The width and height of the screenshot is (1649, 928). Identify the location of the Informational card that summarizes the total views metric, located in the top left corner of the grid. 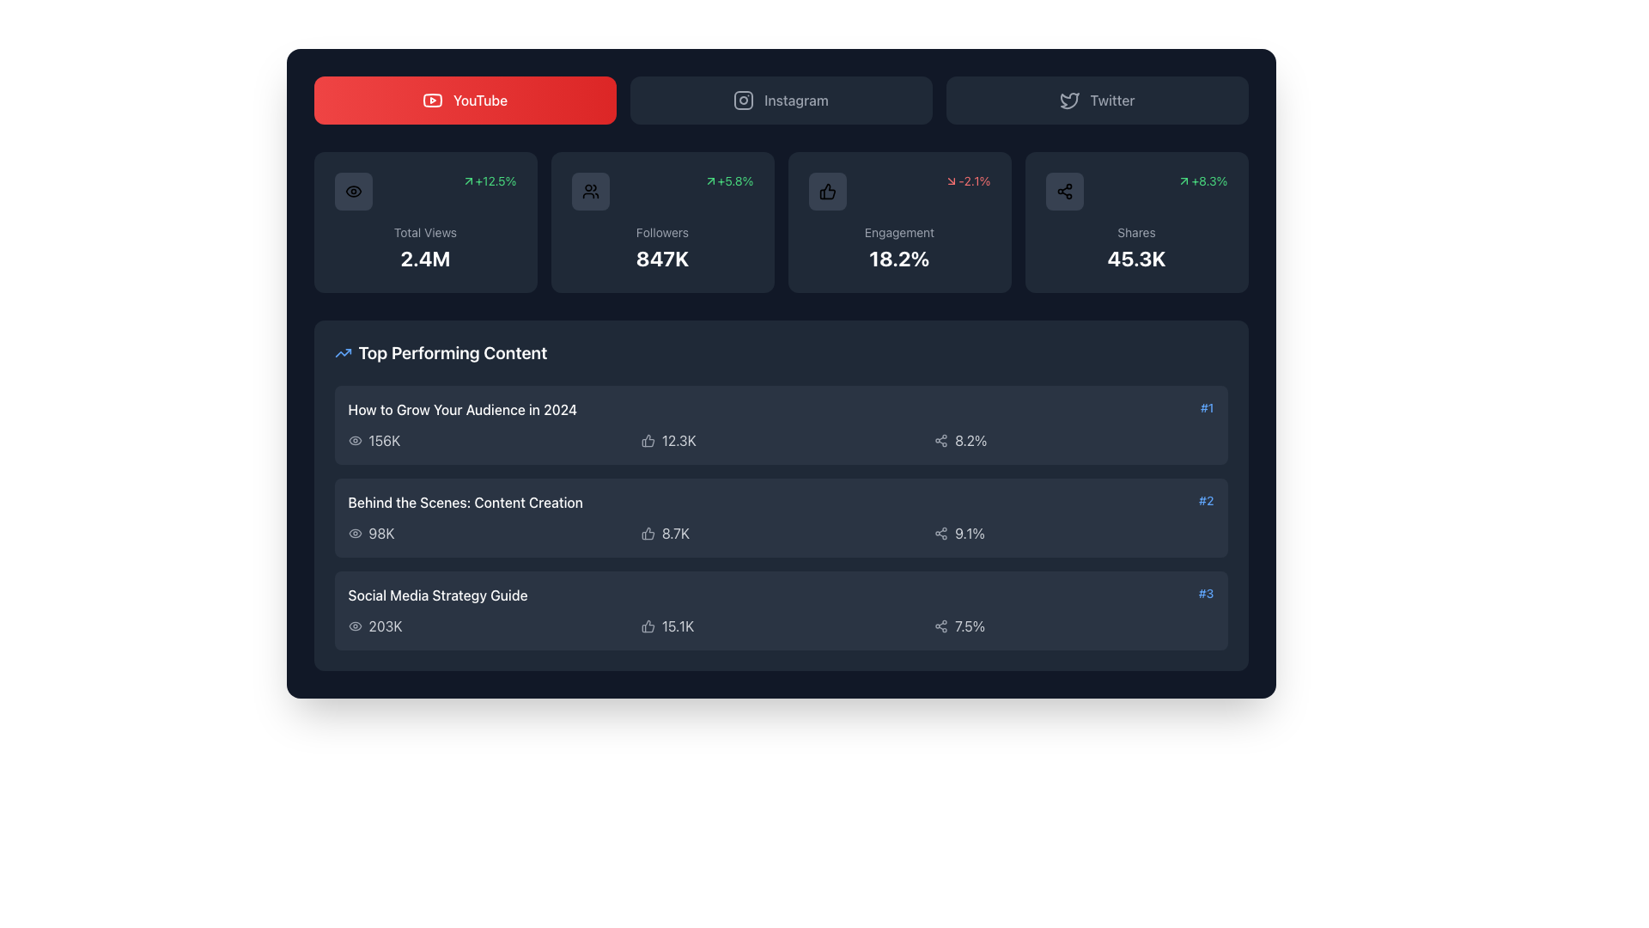
(425, 221).